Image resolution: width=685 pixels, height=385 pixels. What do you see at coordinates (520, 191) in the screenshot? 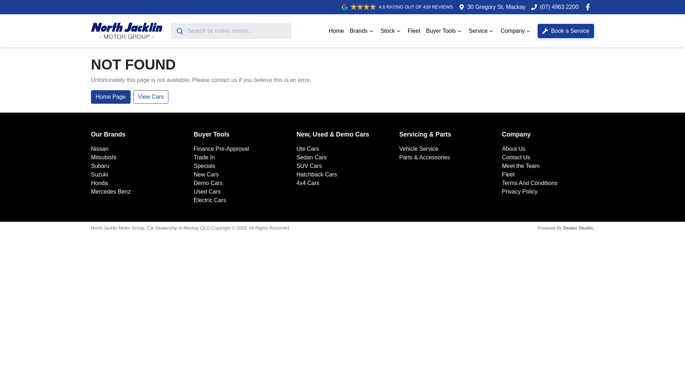
I see `'Privacy Policy'` at bounding box center [520, 191].